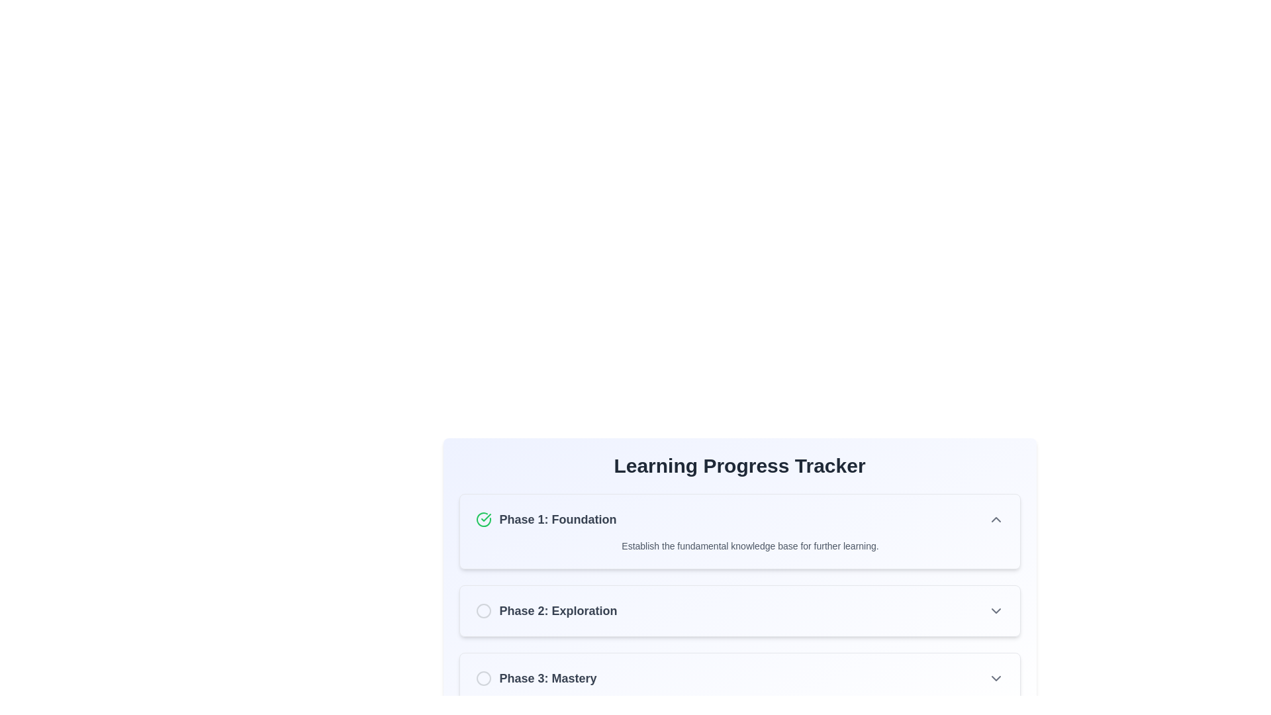 This screenshot has height=715, width=1271. I want to click on the checkmark icon indicating the completed state of 'Phase 1: Foundation' in the Learning Progress Tracker, so click(485, 517).